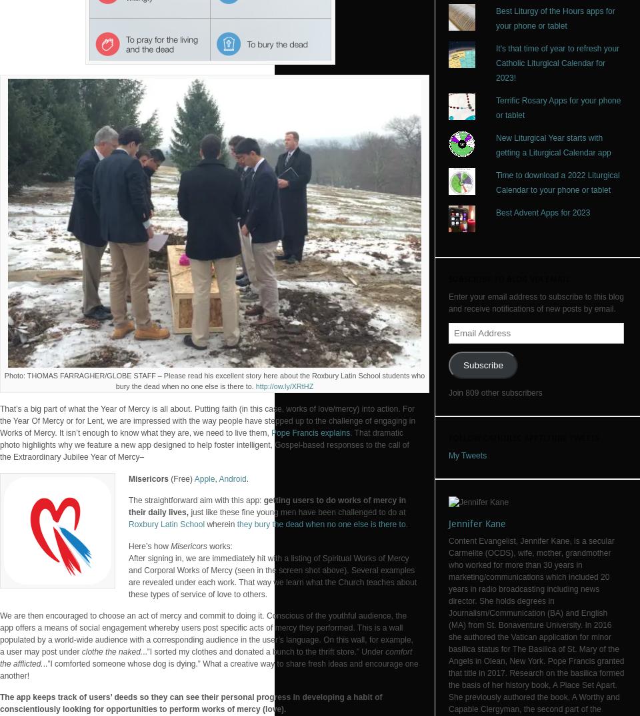 The height and width of the screenshot is (716, 640). What do you see at coordinates (128, 506) in the screenshot?
I see `'getting users to do works of mercy in their daily lives,'` at bounding box center [128, 506].